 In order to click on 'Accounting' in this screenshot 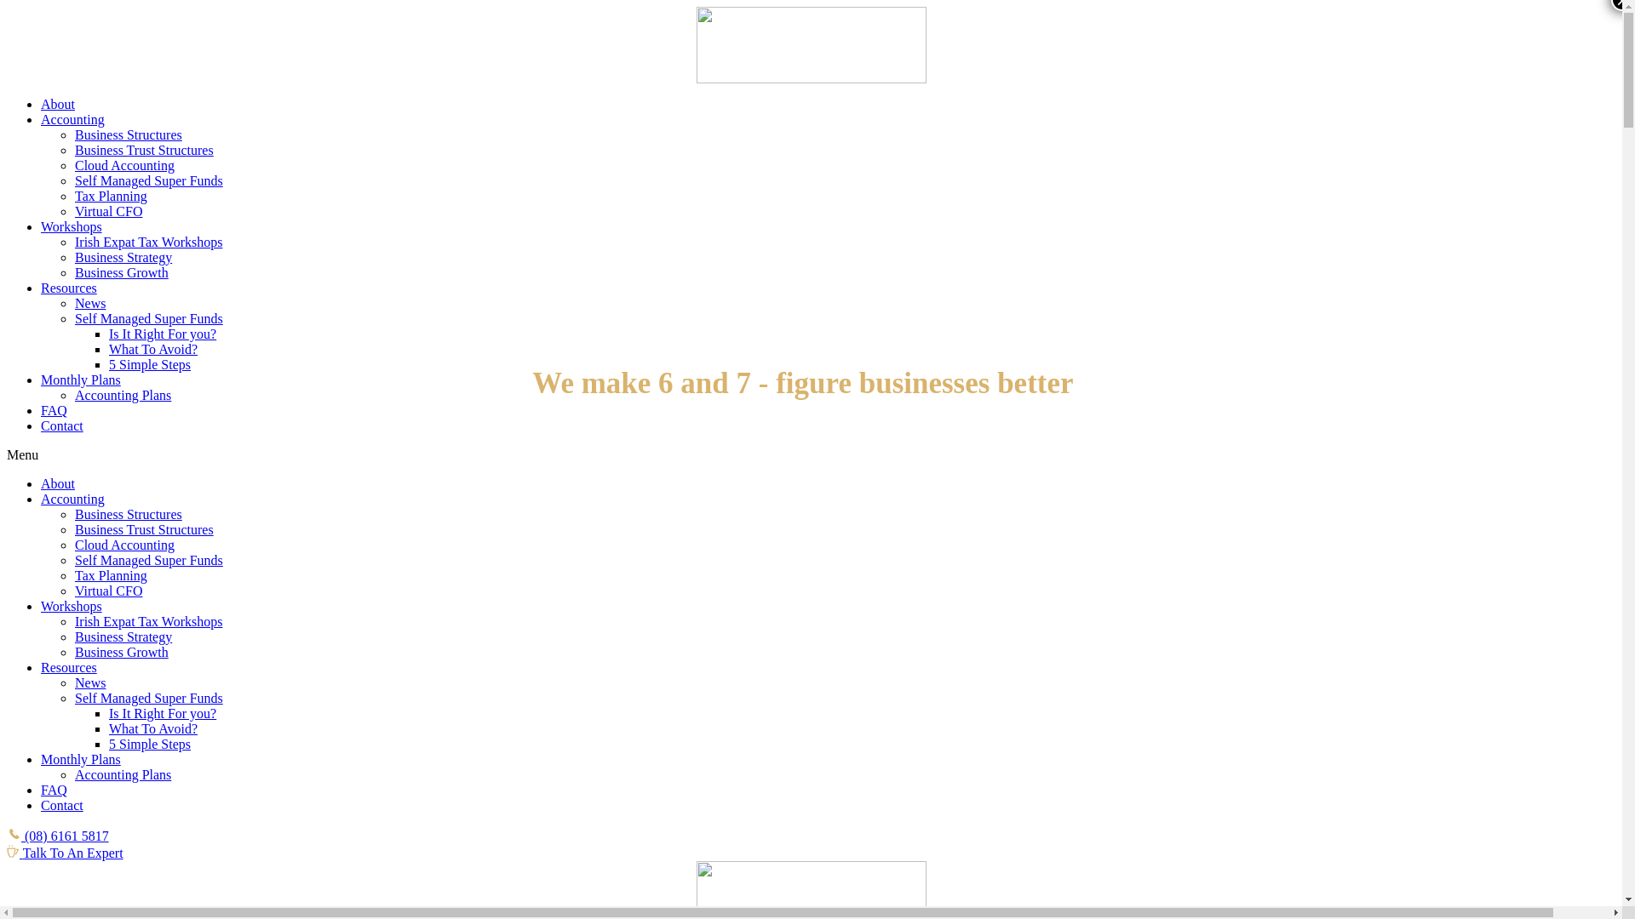, I will do `click(72, 118)`.